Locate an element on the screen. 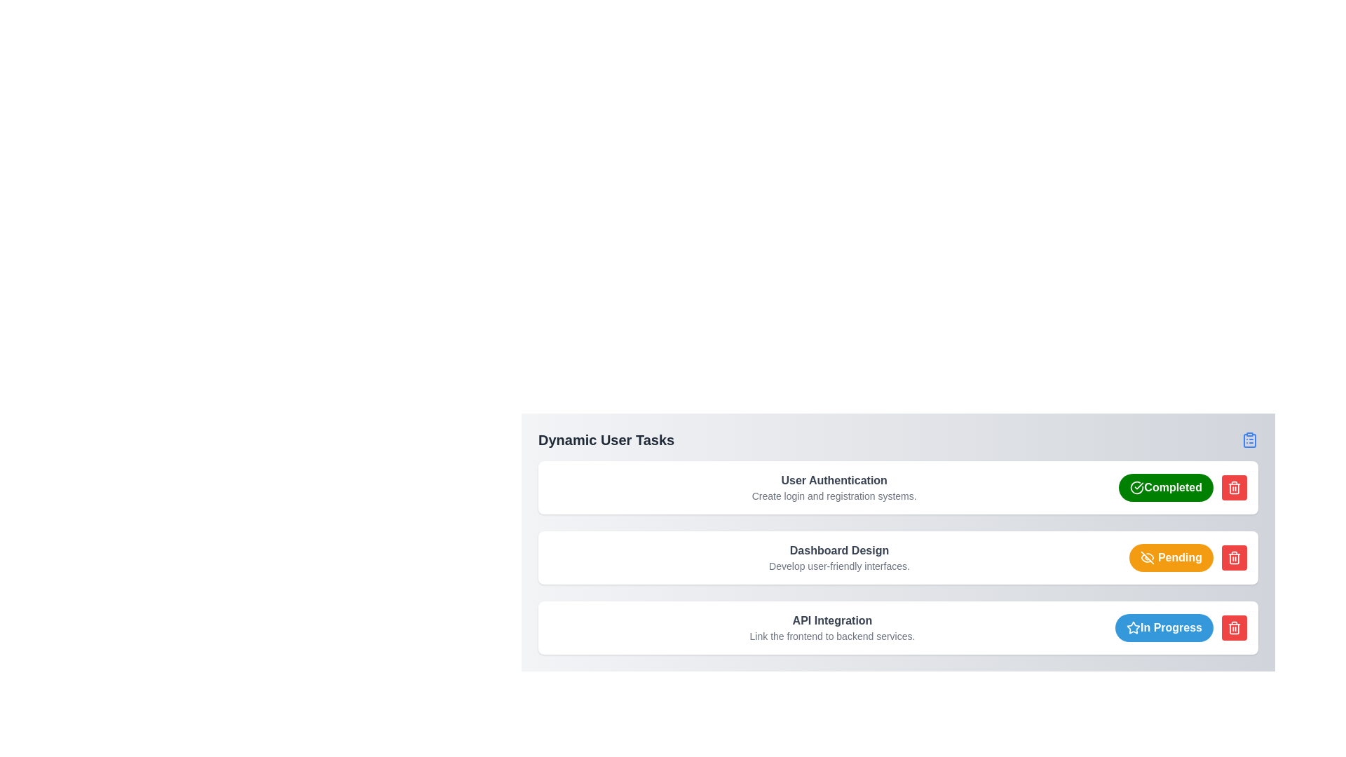 The height and width of the screenshot is (757, 1346). the Status indicator button representing 'Pending' for the task 'Dashboard Design', located on the right-hand side of the second row in the task list is located at coordinates (1171, 557).